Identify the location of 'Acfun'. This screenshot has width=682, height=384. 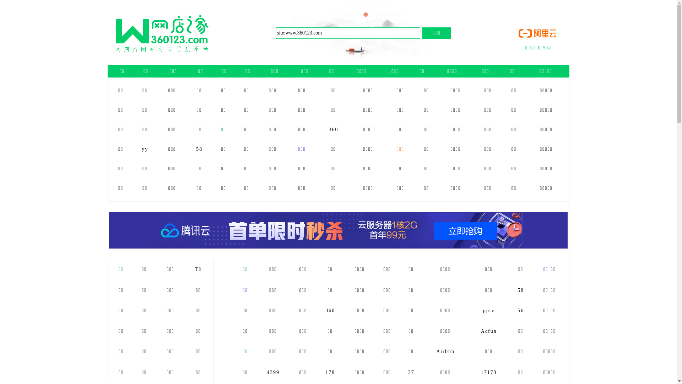
(488, 331).